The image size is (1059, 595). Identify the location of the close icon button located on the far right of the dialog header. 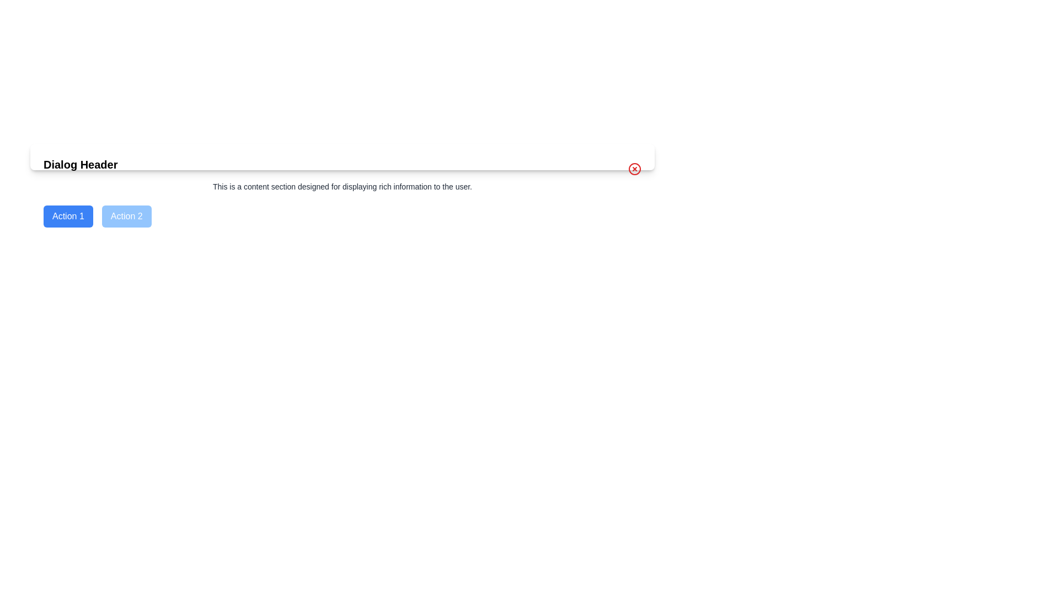
(635, 169).